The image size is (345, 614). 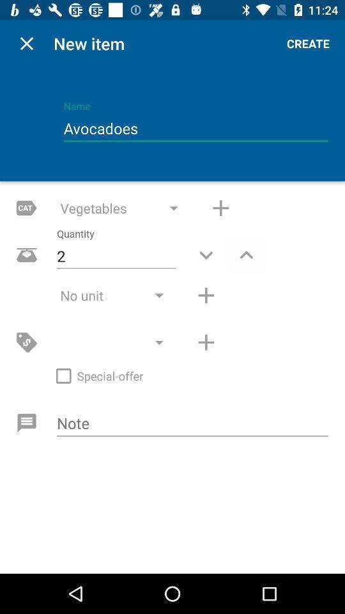 What do you see at coordinates (220, 208) in the screenshot?
I see `incerase` at bounding box center [220, 208].